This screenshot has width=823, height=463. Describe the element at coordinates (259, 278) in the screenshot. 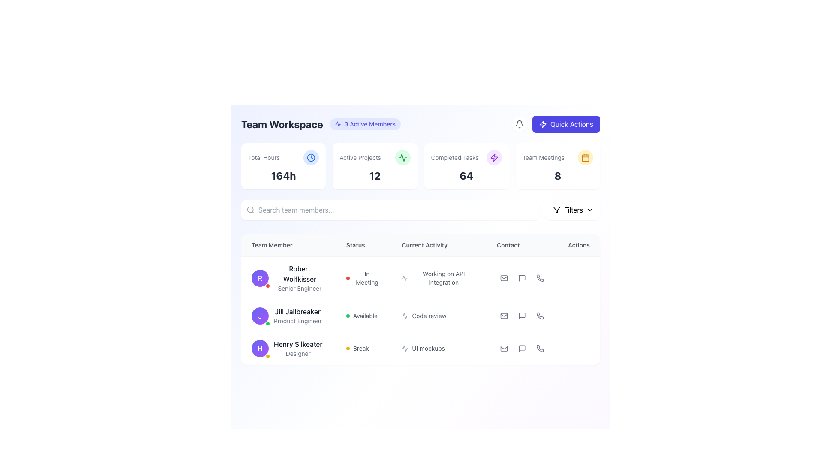

I see `the avatar of 'Robert Wolfkisser'` at that location.